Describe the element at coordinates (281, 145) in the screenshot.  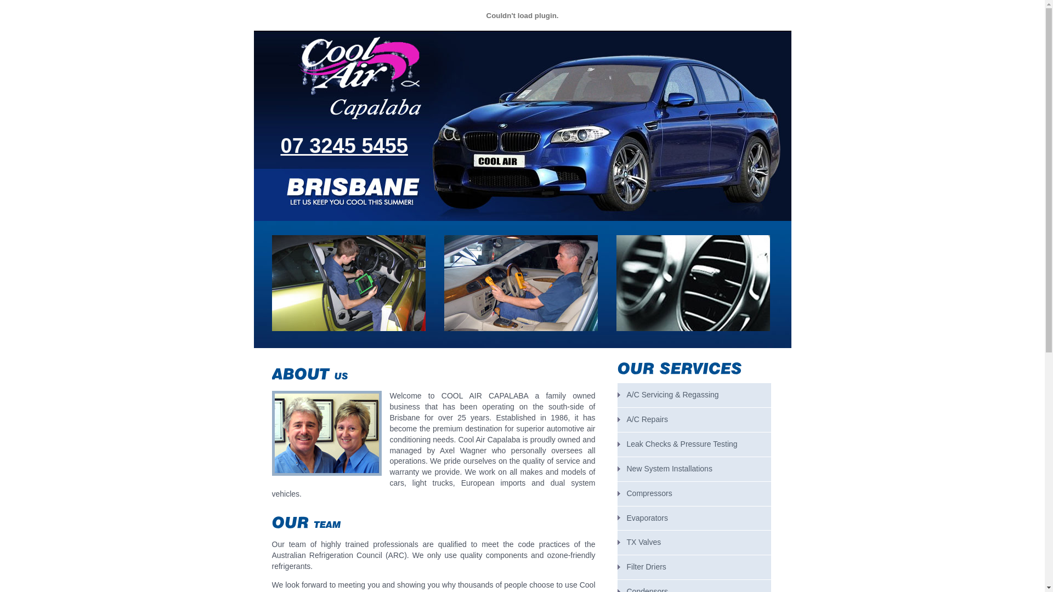
I see `'07 3245 5455'` at that location.